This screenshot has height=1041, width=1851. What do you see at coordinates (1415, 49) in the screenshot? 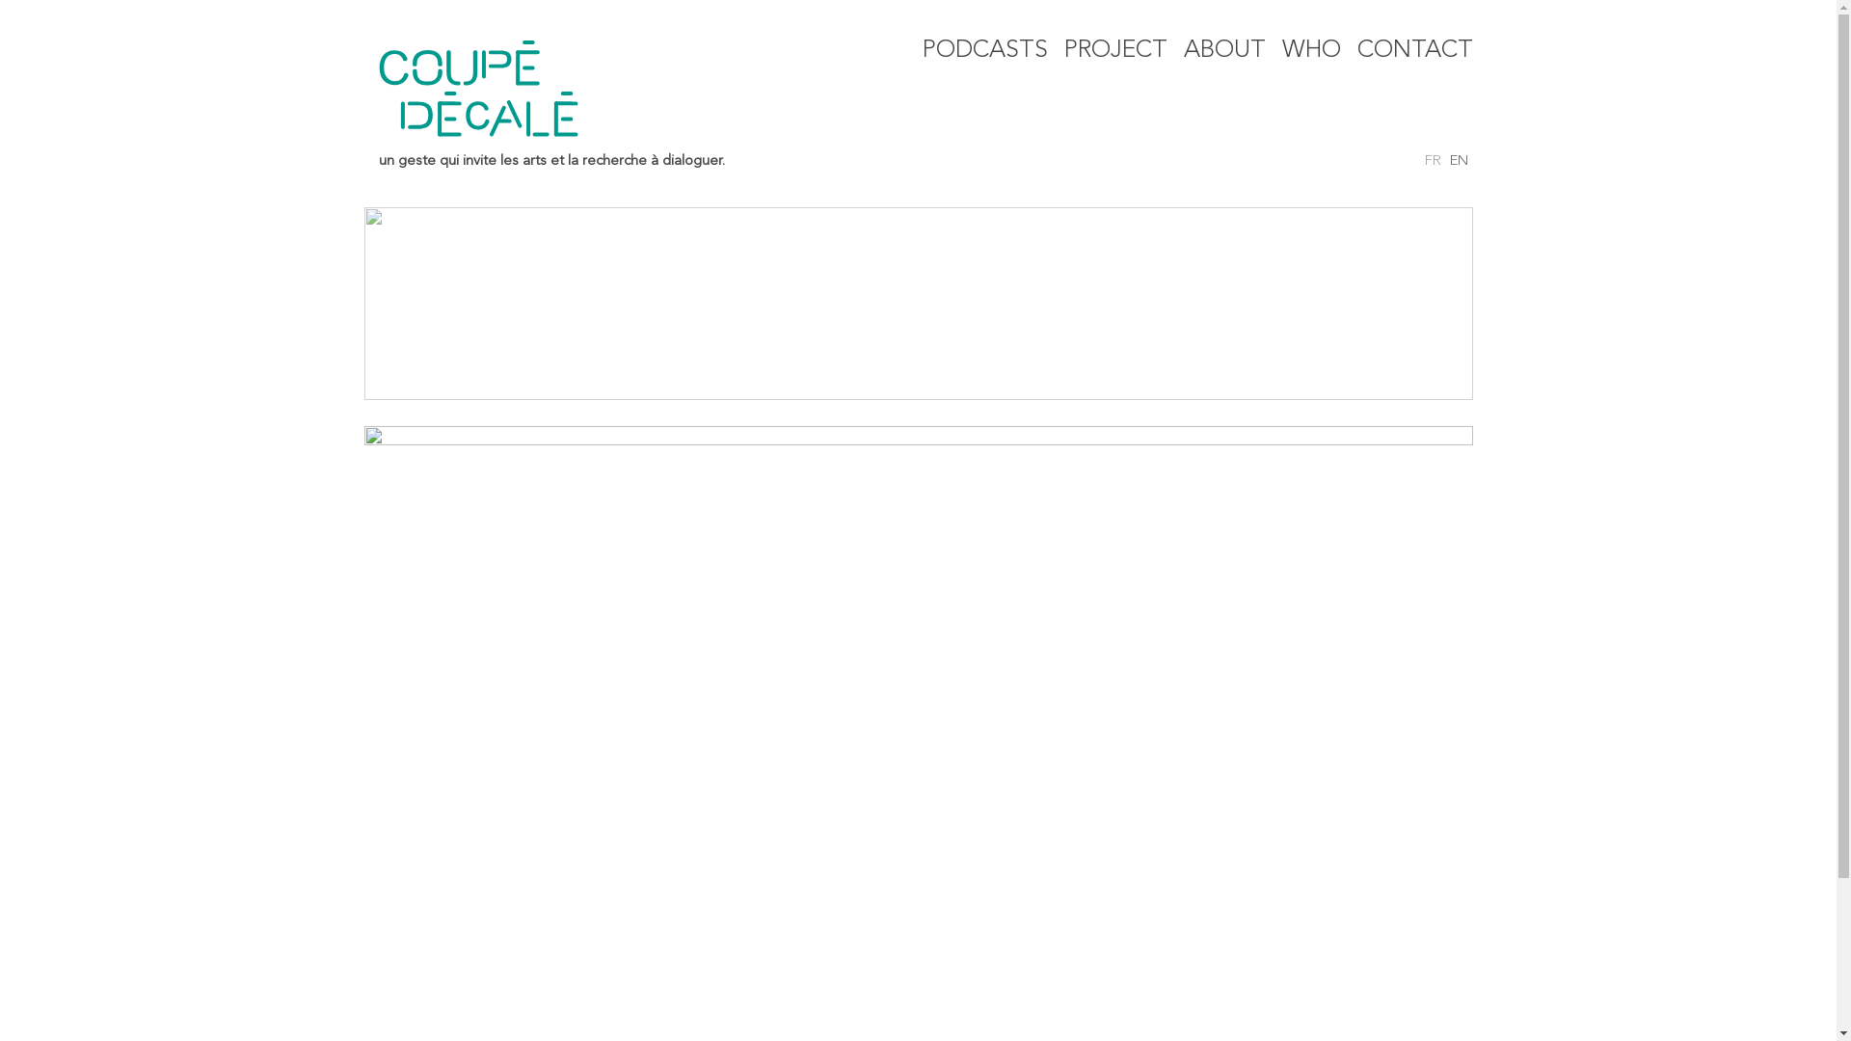
I see `'CONTACT'` at bounding box center [1415, 49].